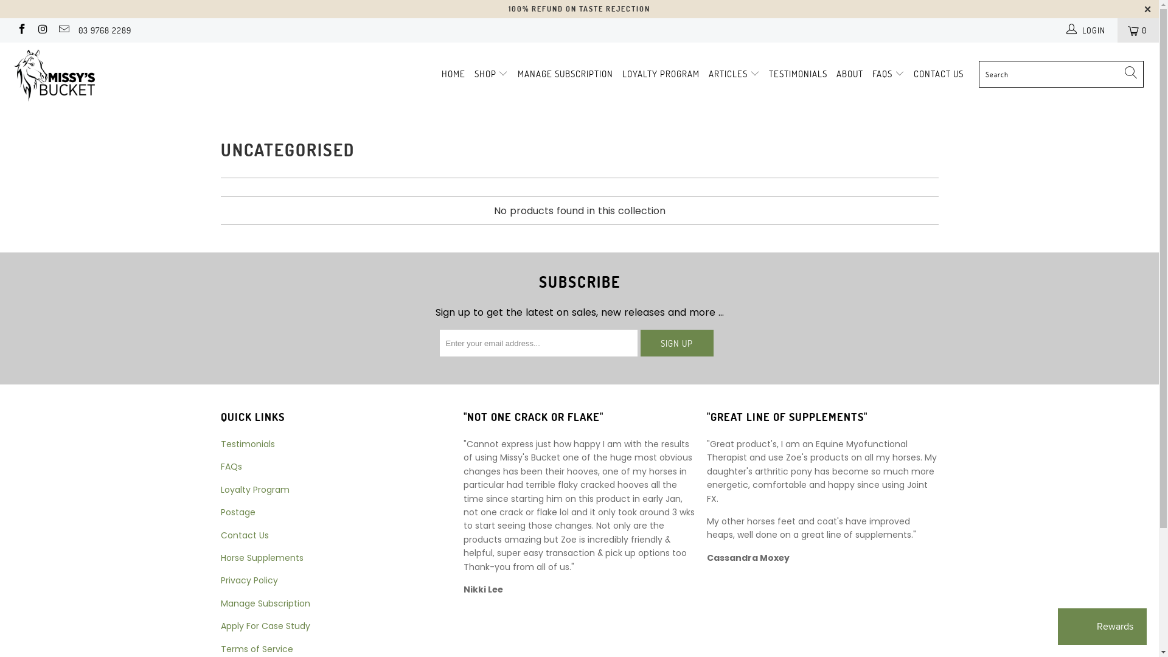  I want to click on 'Email Missy's Bucket', so click(63, 30).